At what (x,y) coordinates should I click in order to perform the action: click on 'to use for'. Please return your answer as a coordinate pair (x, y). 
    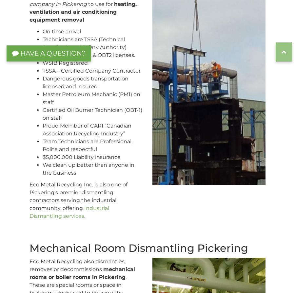
    Looking at the image, I should click on (100, 4).